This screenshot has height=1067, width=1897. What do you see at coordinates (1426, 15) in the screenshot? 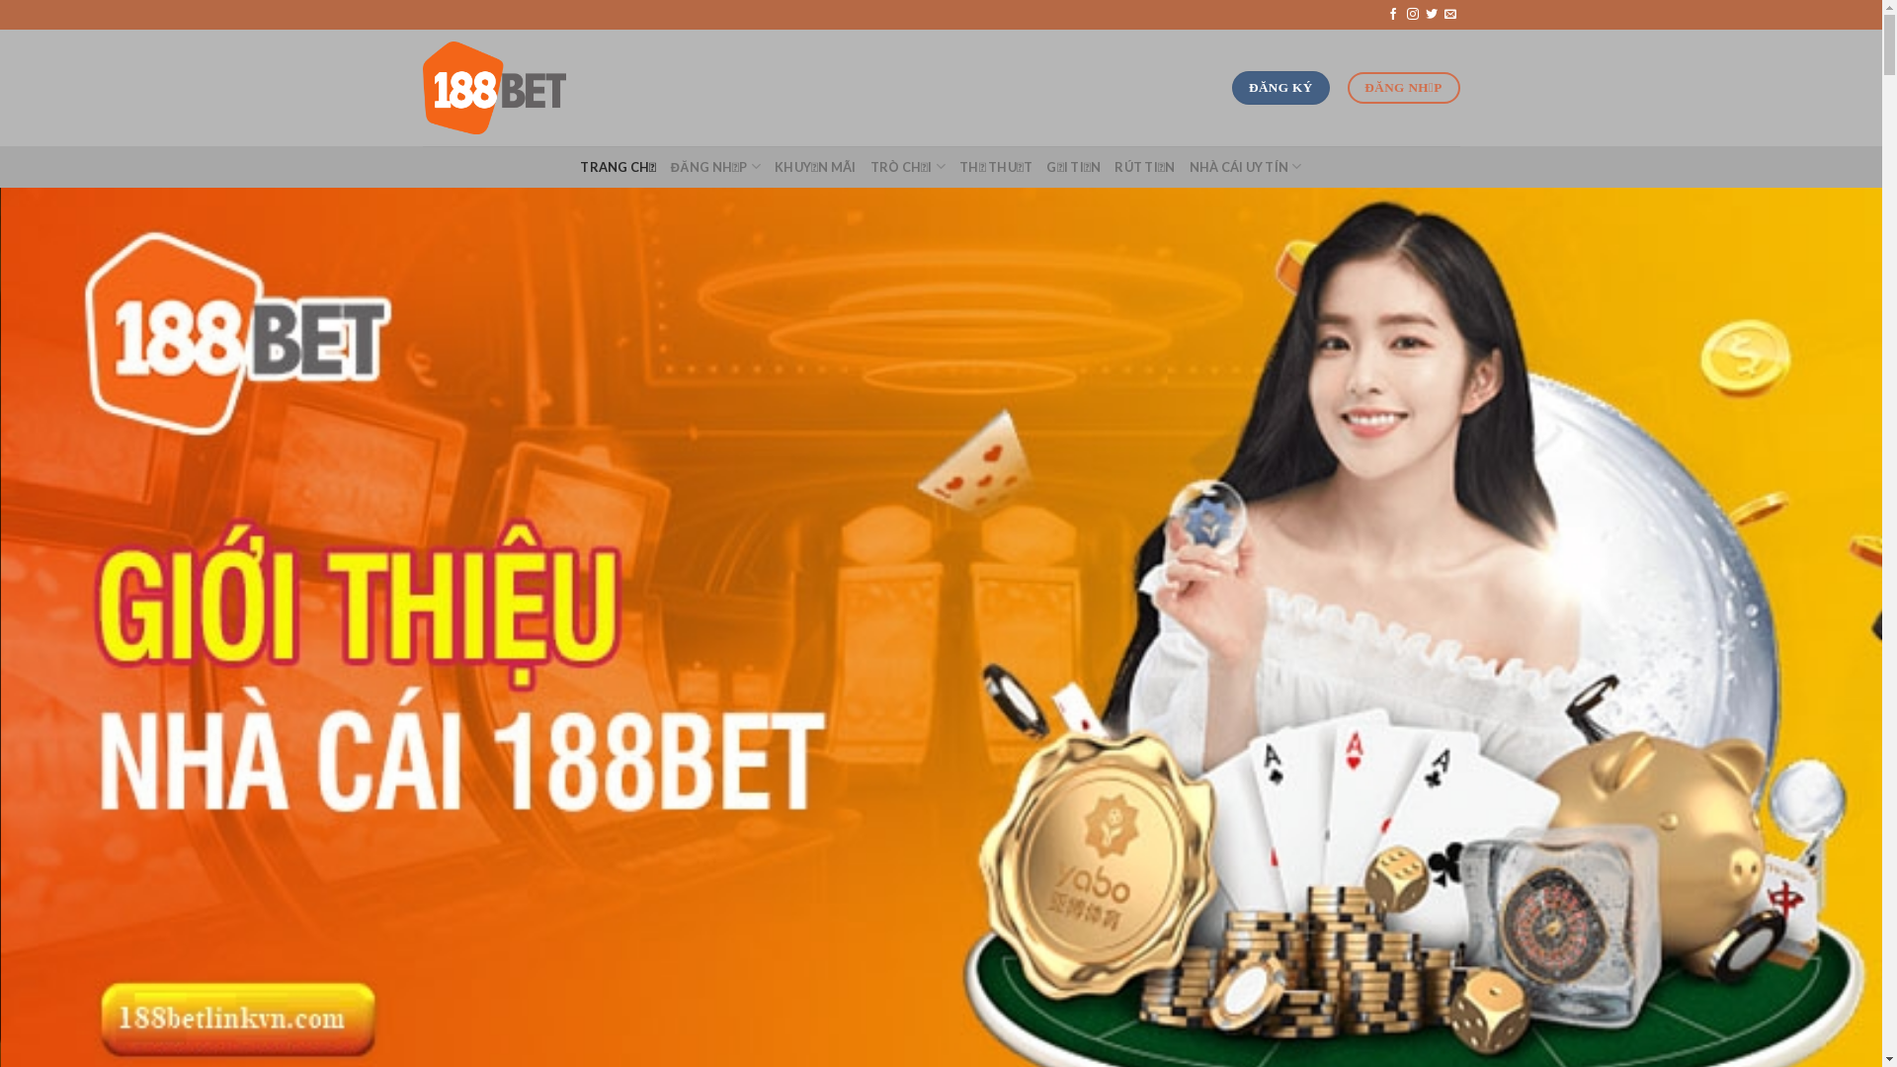
I see `'Follow on Twitter'` at bounding box center [1426, 15].